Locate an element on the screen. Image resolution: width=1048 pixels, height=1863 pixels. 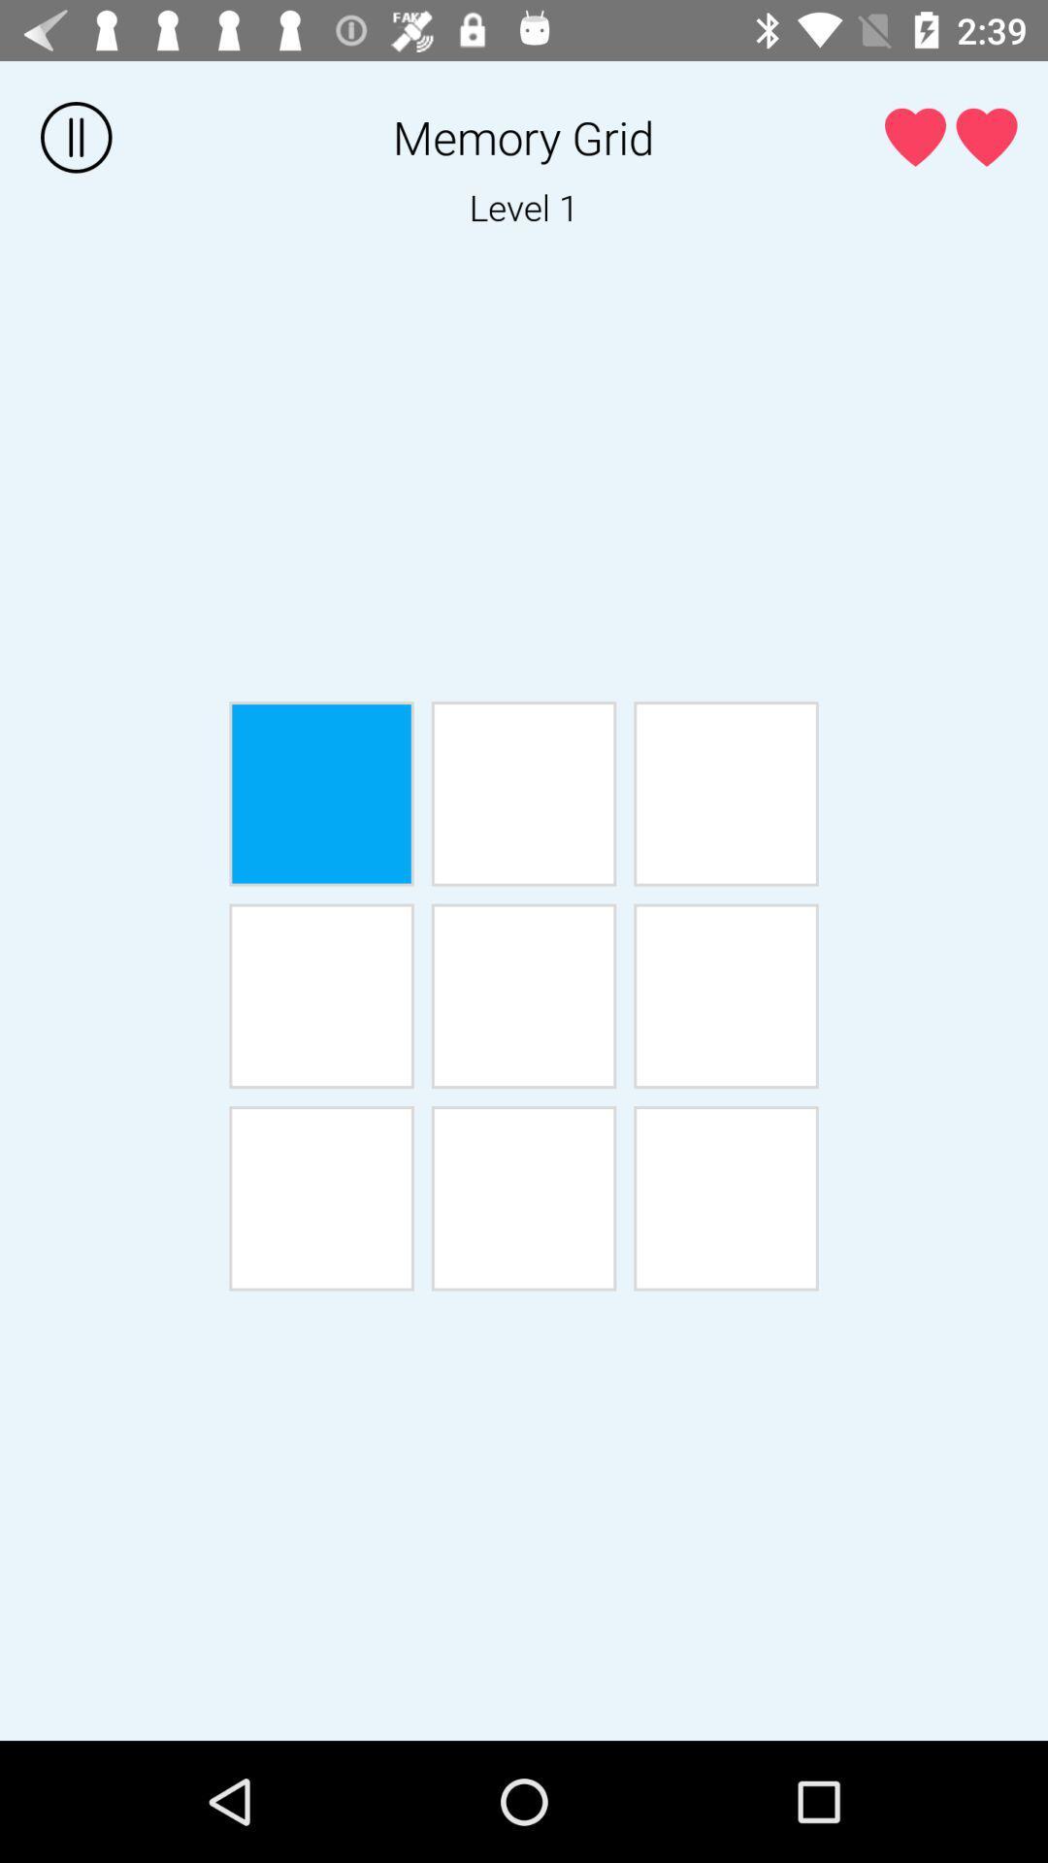
the color is located at coordinates (524, 794).